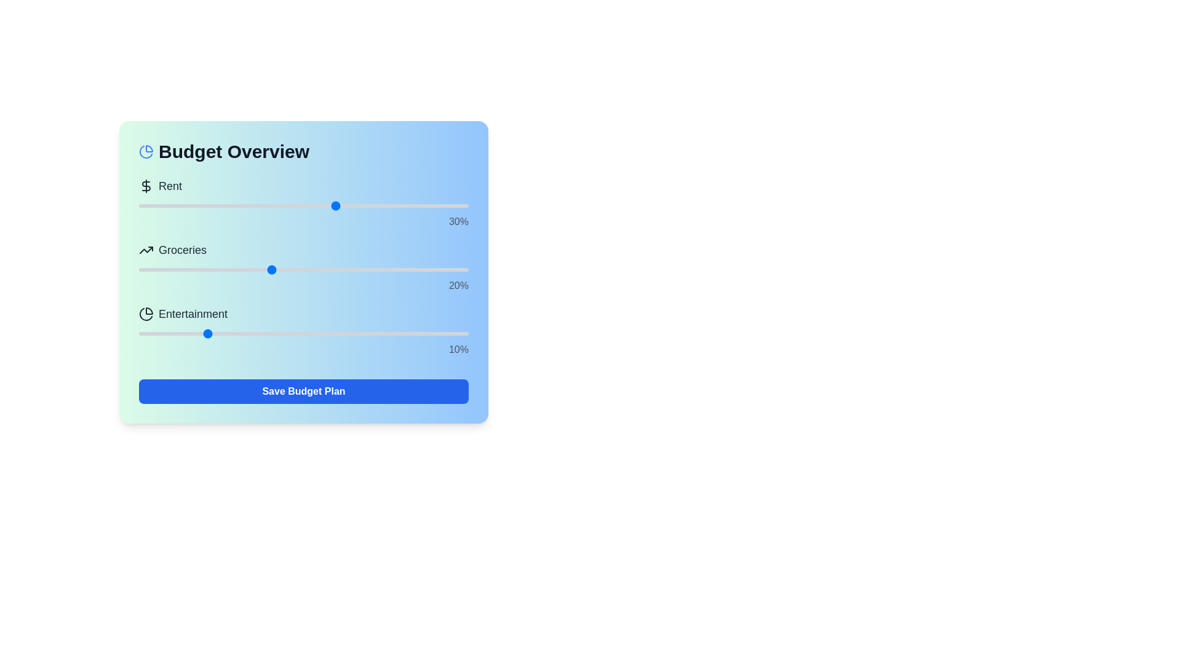  What do you see at coordinates (171, 269) in the screenshot?
I see `the 'Groceries' slider` at bounding box center [171, 269].